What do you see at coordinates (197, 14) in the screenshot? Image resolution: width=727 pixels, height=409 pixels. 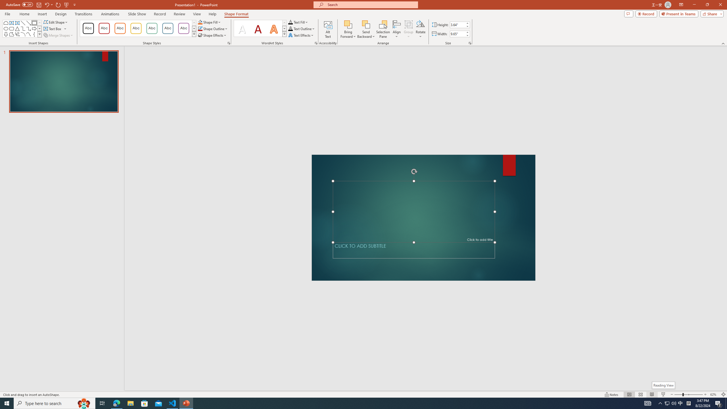 I see `'View'` at bounding box center [197, 14].